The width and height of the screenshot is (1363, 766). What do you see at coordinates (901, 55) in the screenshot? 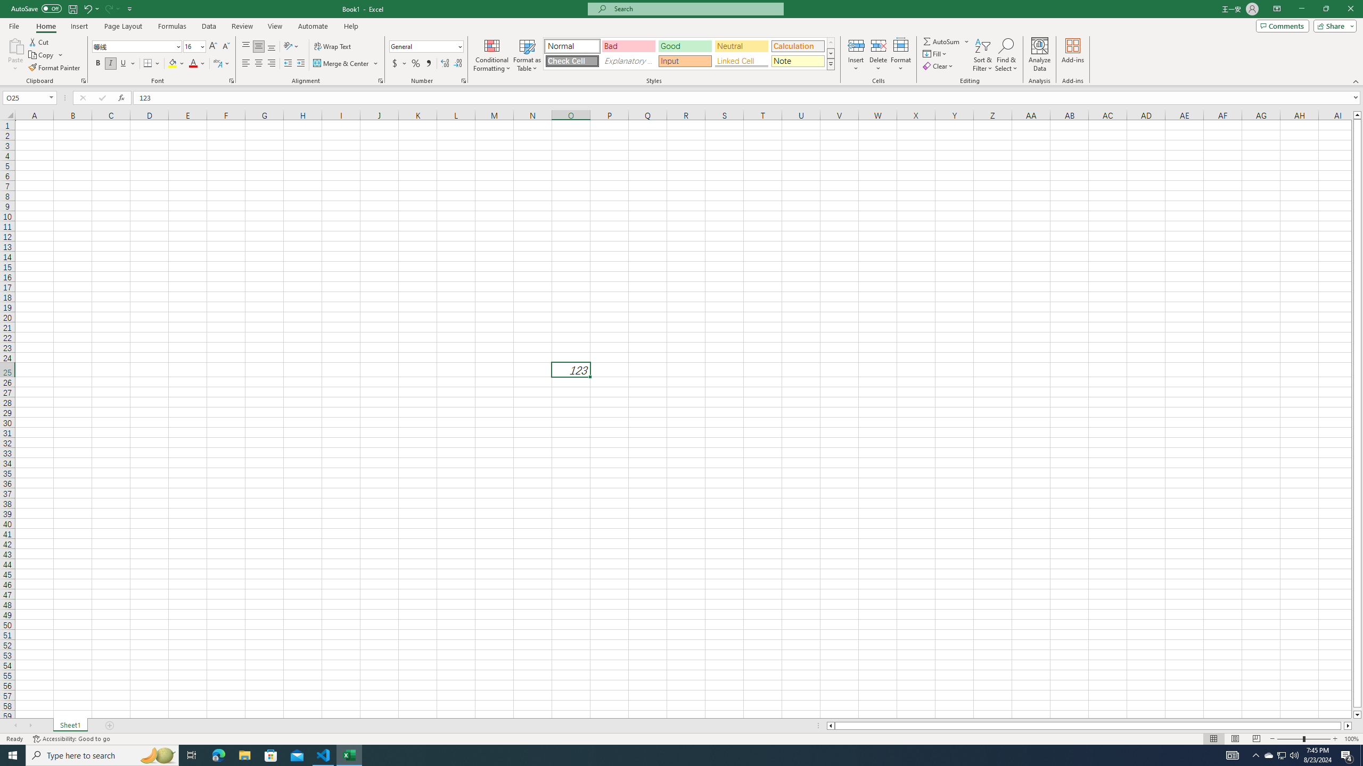
I see `'Format'` at bounding box center [901, 55].